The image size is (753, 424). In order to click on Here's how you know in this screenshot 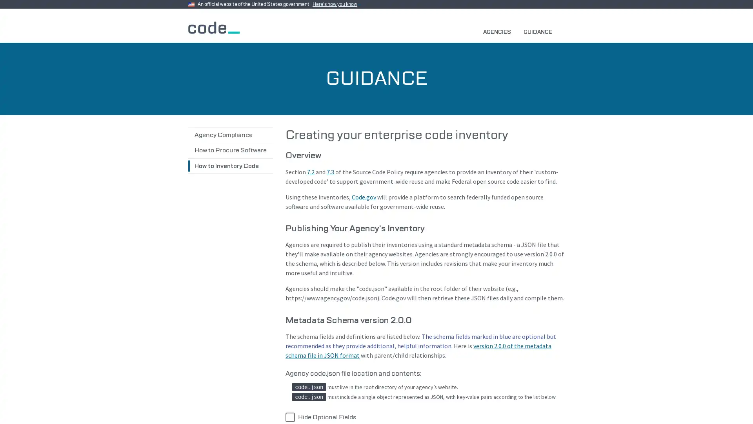, I will do `click(336, 4)`.